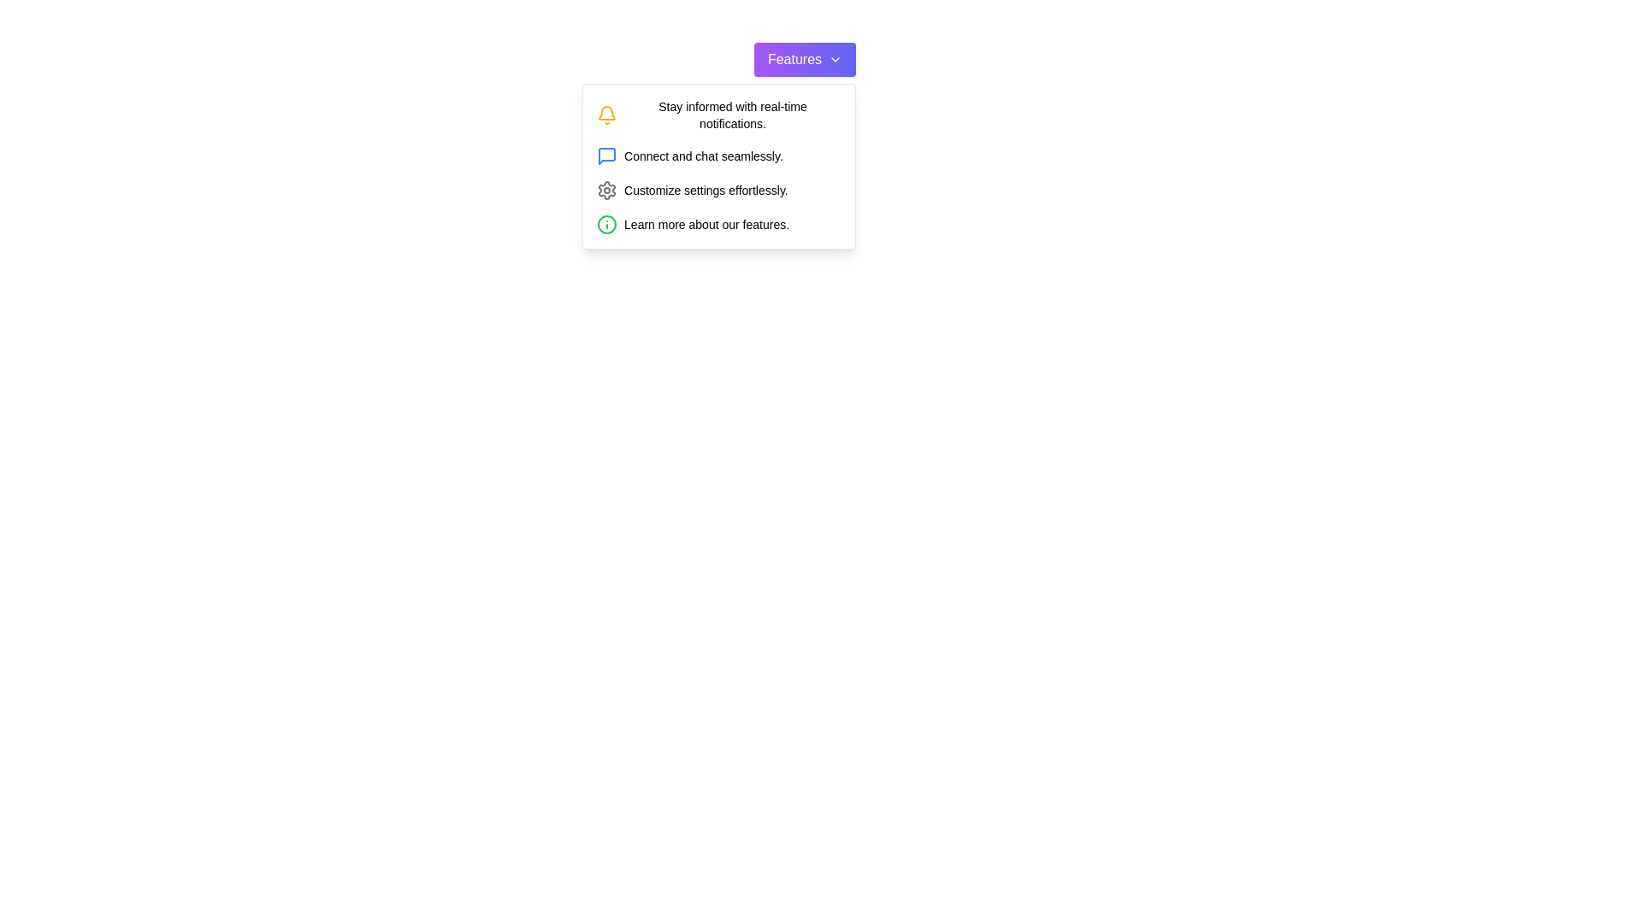 Image resolution: width=1642 pixels, height=923 pixels. What do you see at coordinates (607, 191) in the screenshot?
I see `the gear icon located at the beginning of the third list item under the dropdown menu labeled 'Features', which is positioned directly to the left of the text 'Customize settings effortlessly'` at bounding box center [607, 191].